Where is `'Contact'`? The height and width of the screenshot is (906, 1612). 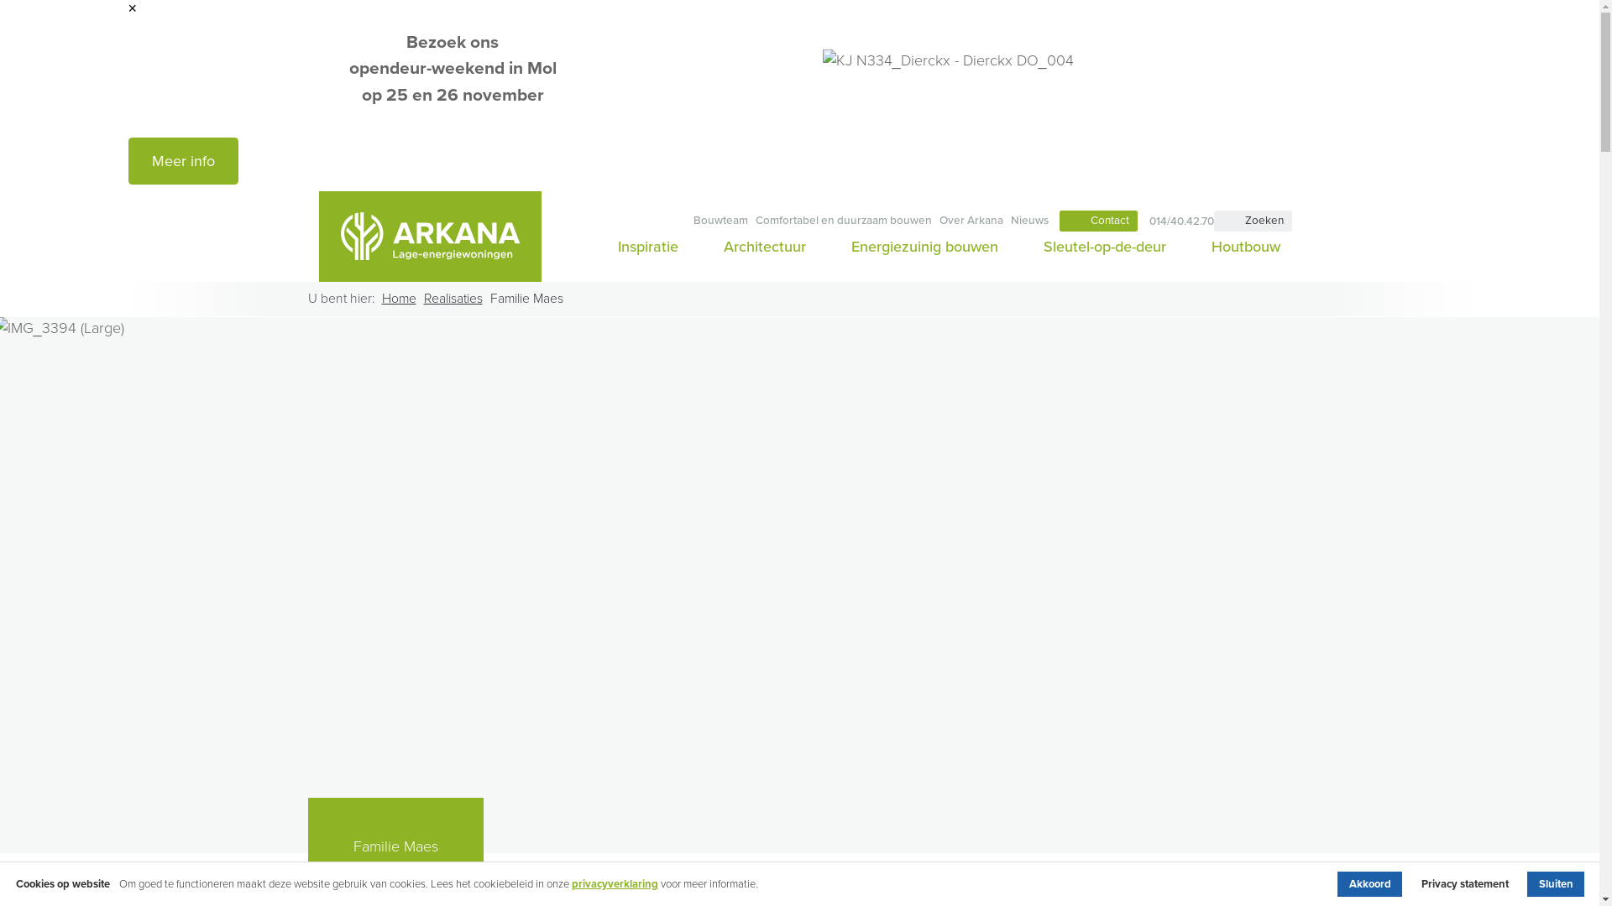
'Contact' is located at coordinates (1059, 221).